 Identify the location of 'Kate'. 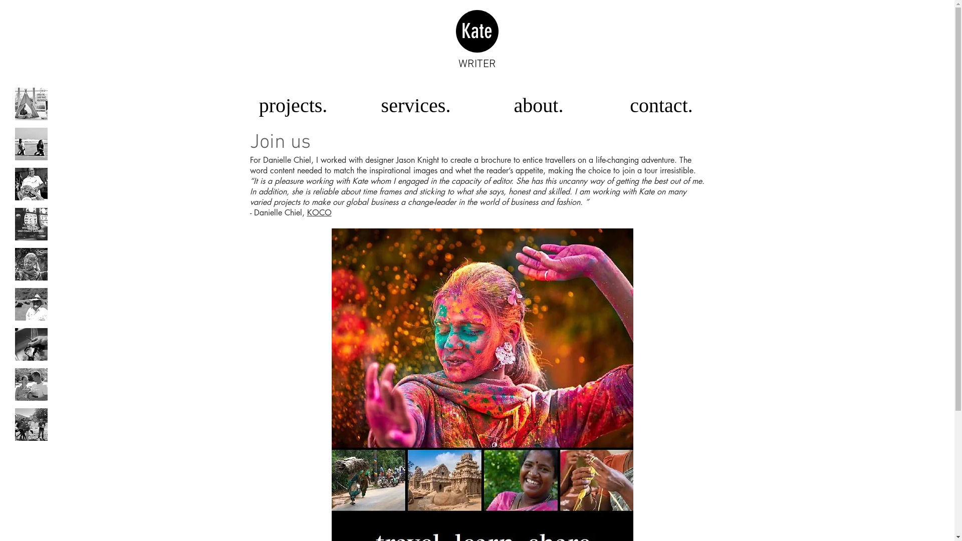
(476, 30).